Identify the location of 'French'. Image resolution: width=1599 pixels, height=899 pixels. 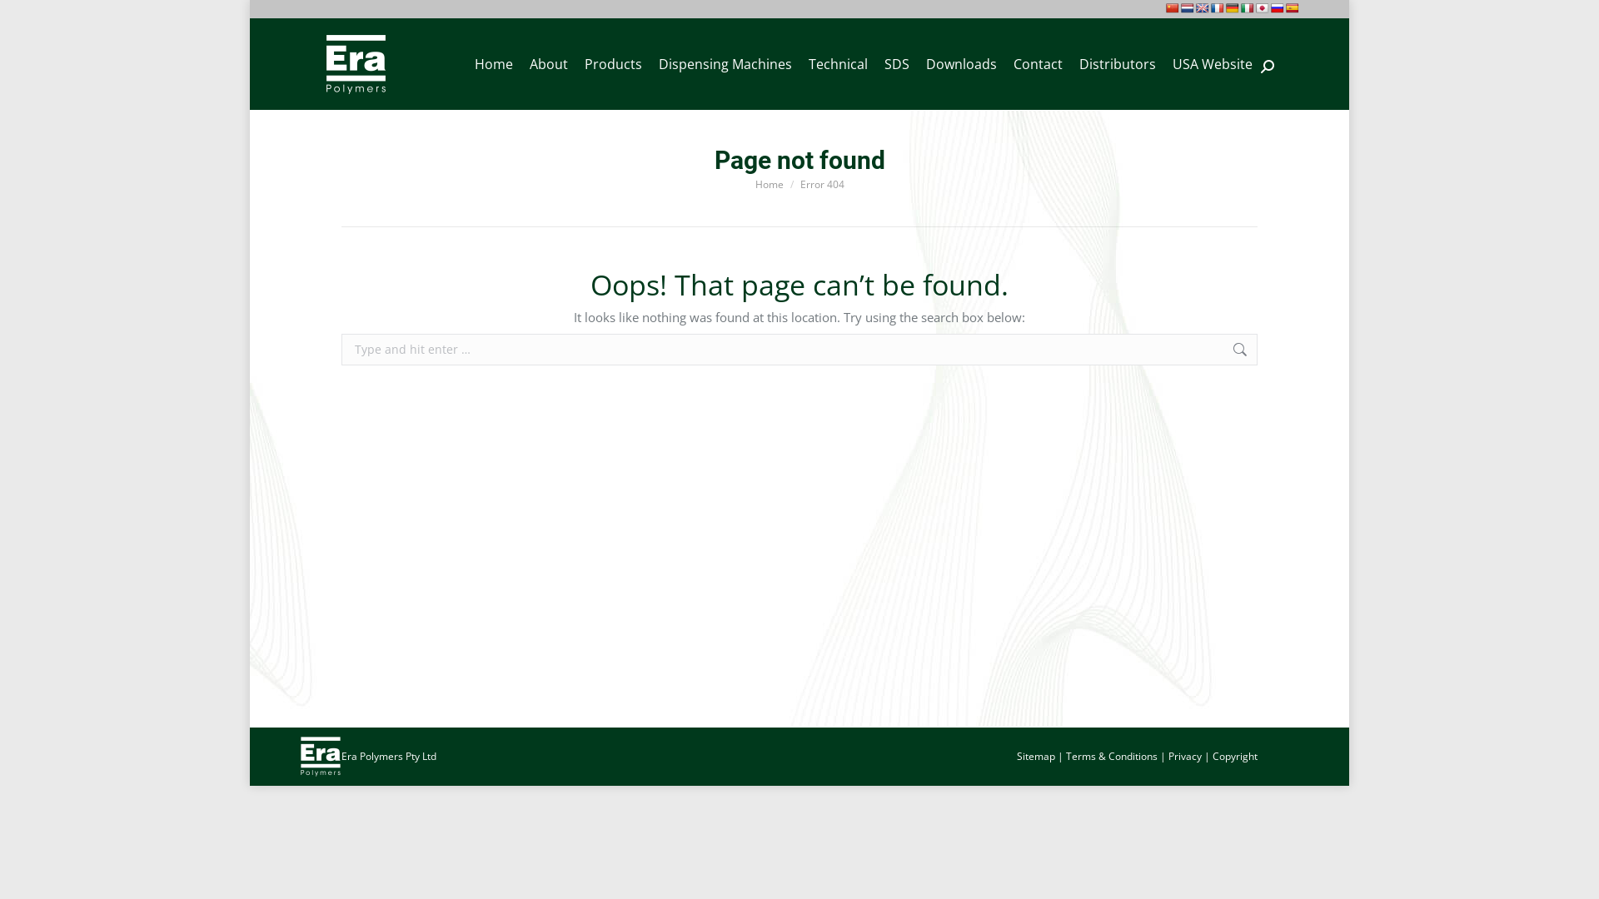
(1218, 8).